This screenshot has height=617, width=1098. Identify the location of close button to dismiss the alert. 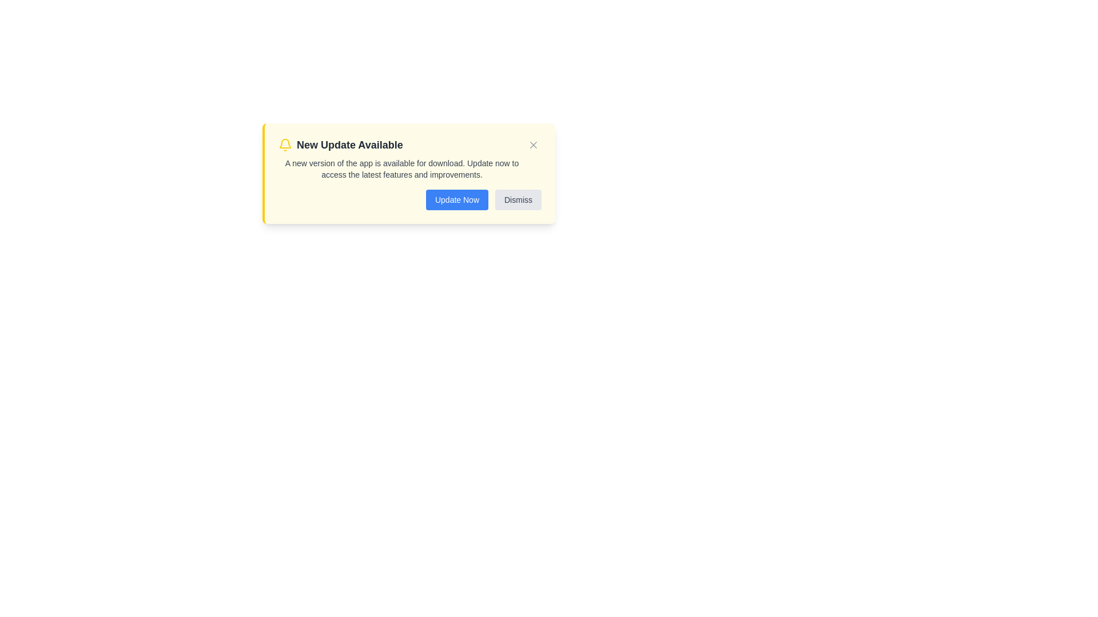
(532, 145).